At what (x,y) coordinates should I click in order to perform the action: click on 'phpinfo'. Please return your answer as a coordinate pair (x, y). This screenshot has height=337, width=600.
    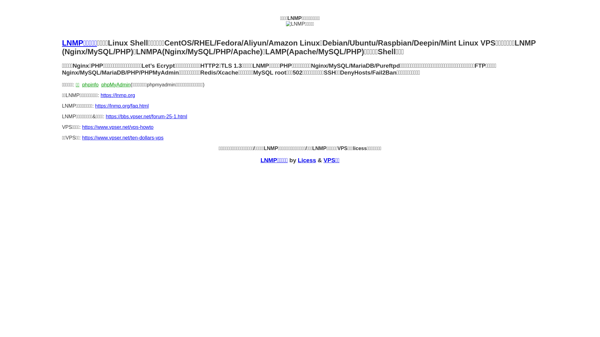
    Looking at the image, I should click on (90, 85).